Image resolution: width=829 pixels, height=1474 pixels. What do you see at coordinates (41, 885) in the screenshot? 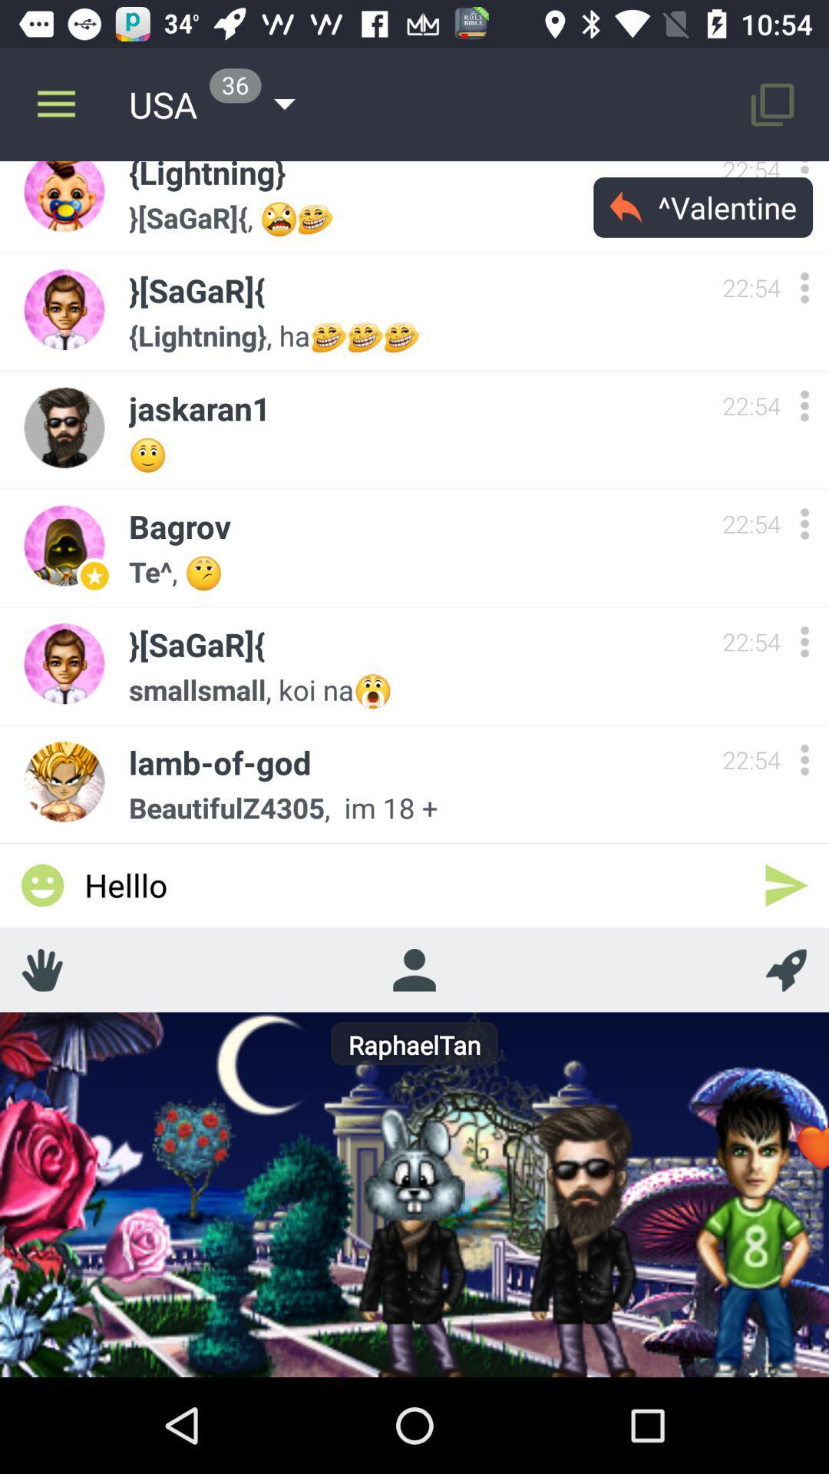
I see `smiley` at bounding box center [41, 885].